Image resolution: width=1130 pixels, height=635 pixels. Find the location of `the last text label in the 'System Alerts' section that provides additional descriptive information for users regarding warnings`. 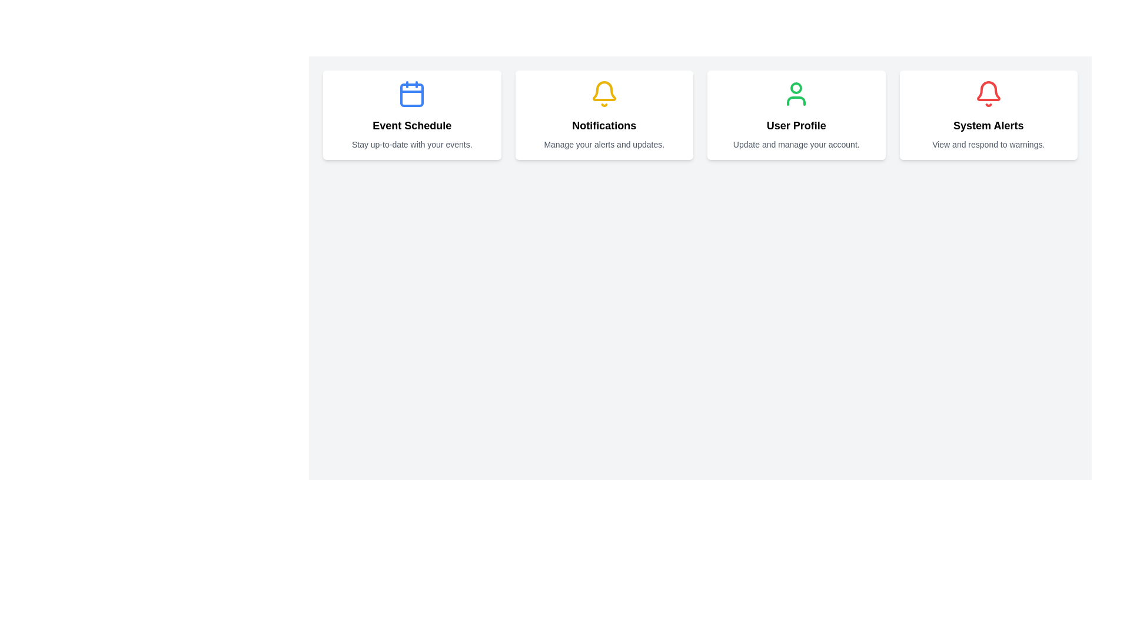

the last text label in the 'System Alerts' section that provides additional descriptive information for users regarding warnings is located at coordinates (988, 144).